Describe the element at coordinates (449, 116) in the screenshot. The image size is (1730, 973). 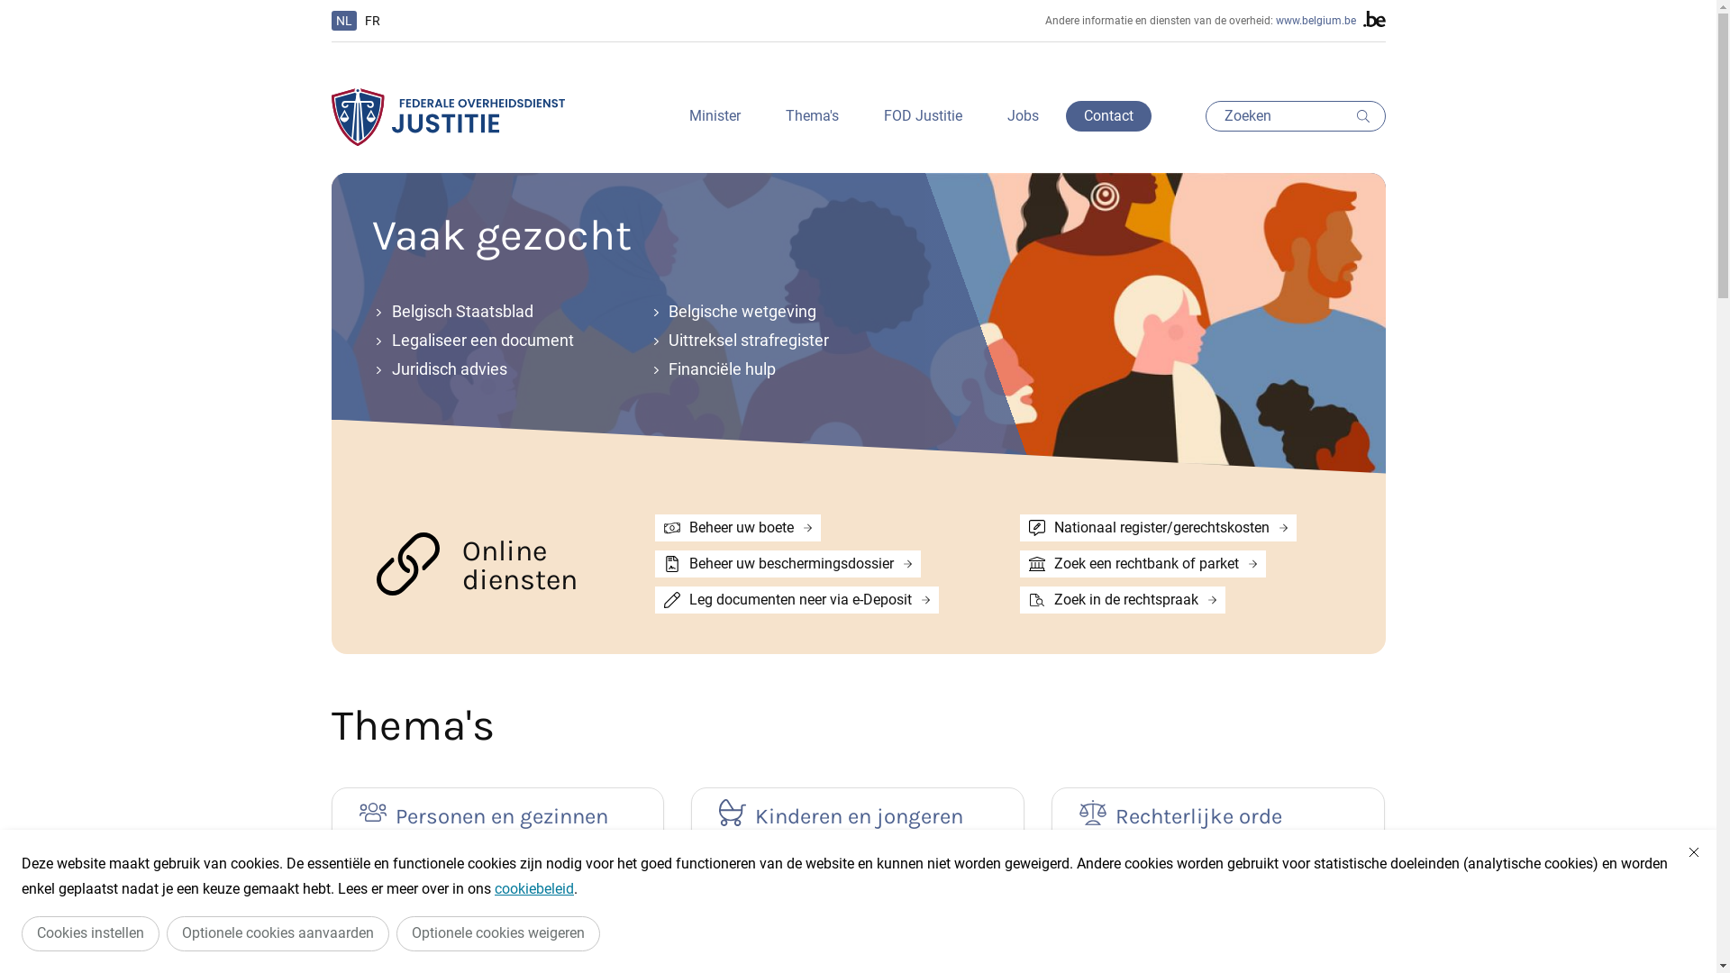
I see `'Terugkeren naar de startpagina van FOD Justitie'` at that location.